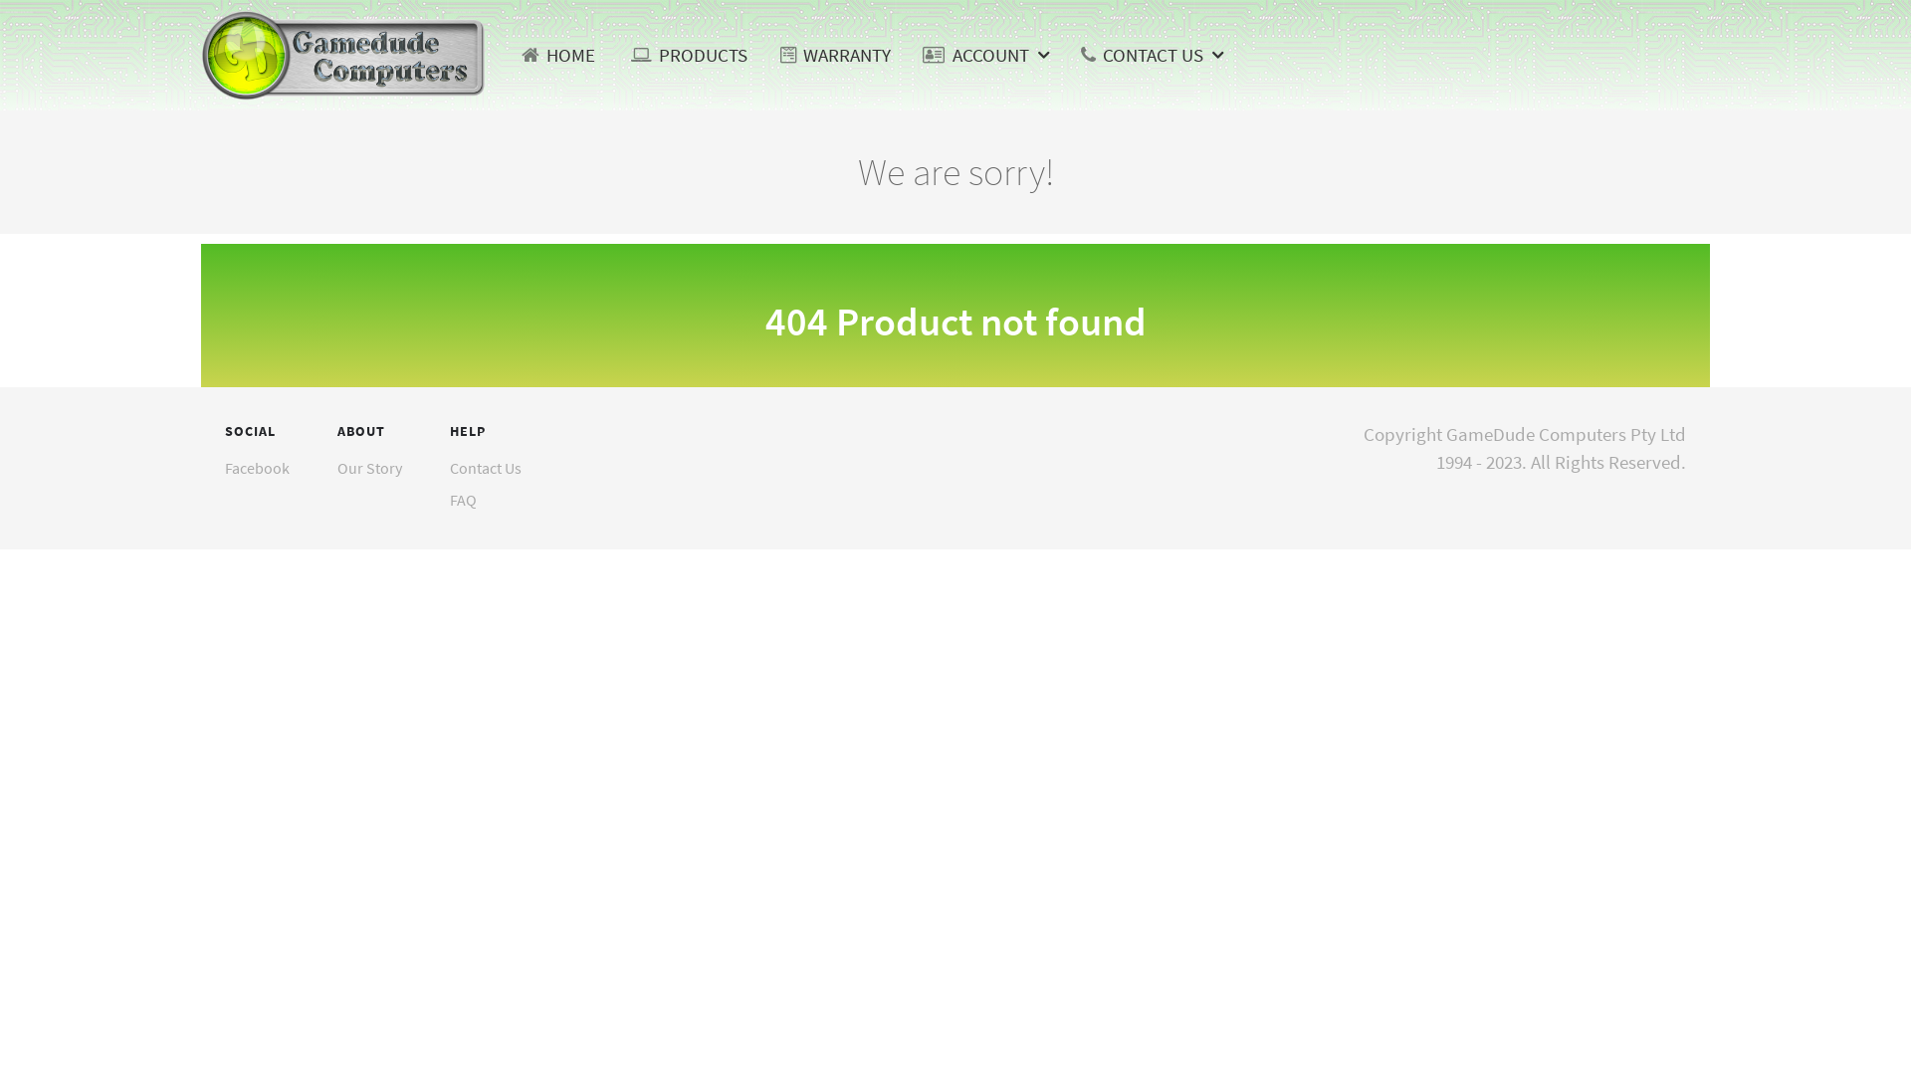 This screenshot has width=1911, height=1075. Describe the element at coordinates (486, 468) in the screenshot. I see `'Contact Us'` at that location.